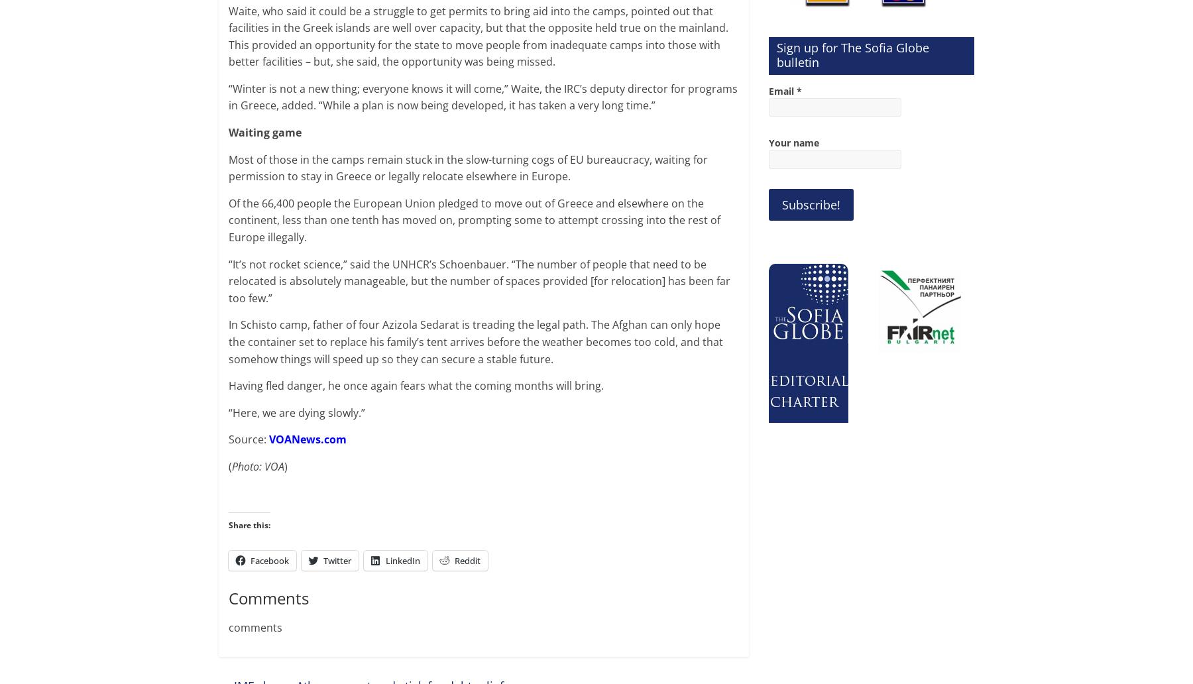 This screenshot has height=684, width=1193. Describe the element at coordinates (799, 90) in the screenshot. I see `'*'` at that location.